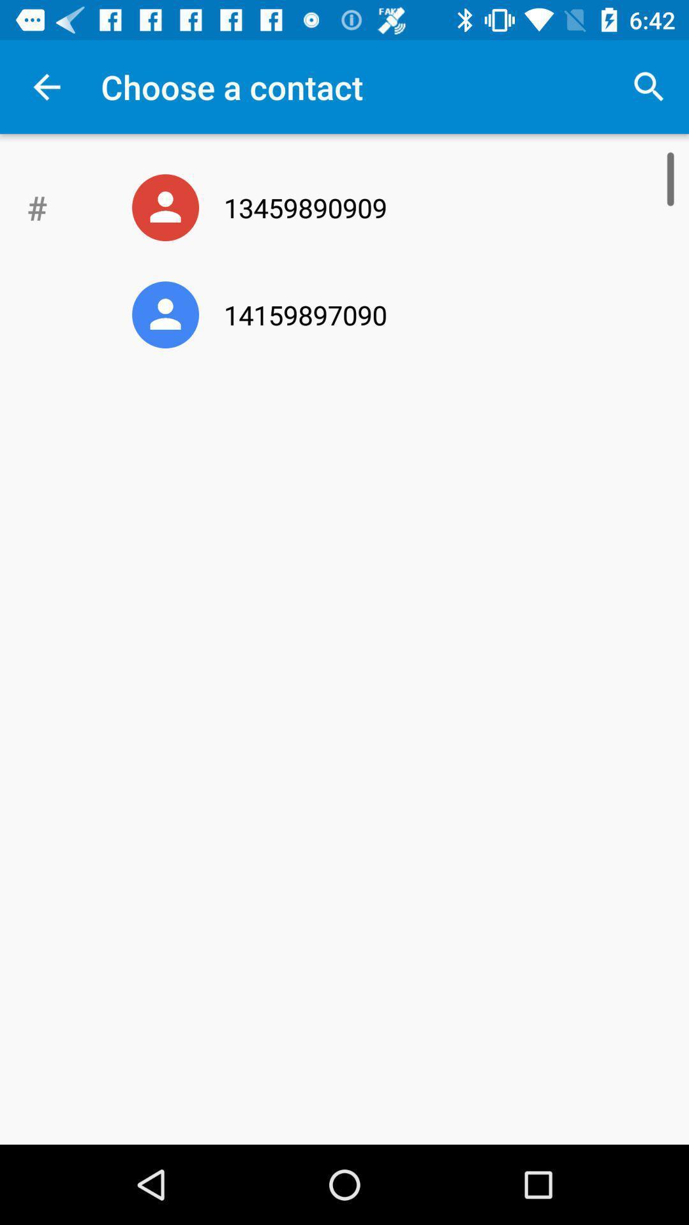 This screenshot has height=1225, width=689. I want to click on the icon next to the choose a contact app, so click(649, 86).